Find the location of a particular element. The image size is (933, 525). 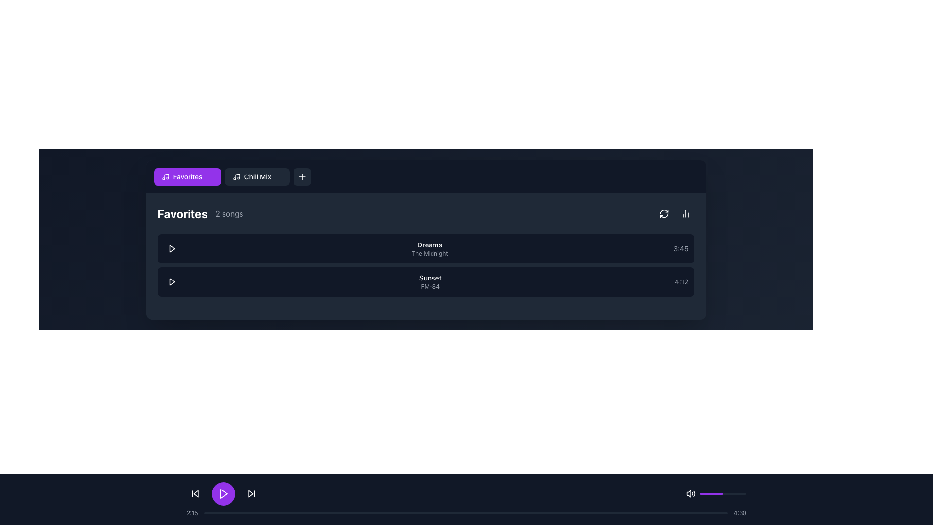

the static text label that displays the count of songs in the 'Favorites' playlist, located to the right of the 'Favorites' label within the upper section of the song card is located at coordinates (228, 213).